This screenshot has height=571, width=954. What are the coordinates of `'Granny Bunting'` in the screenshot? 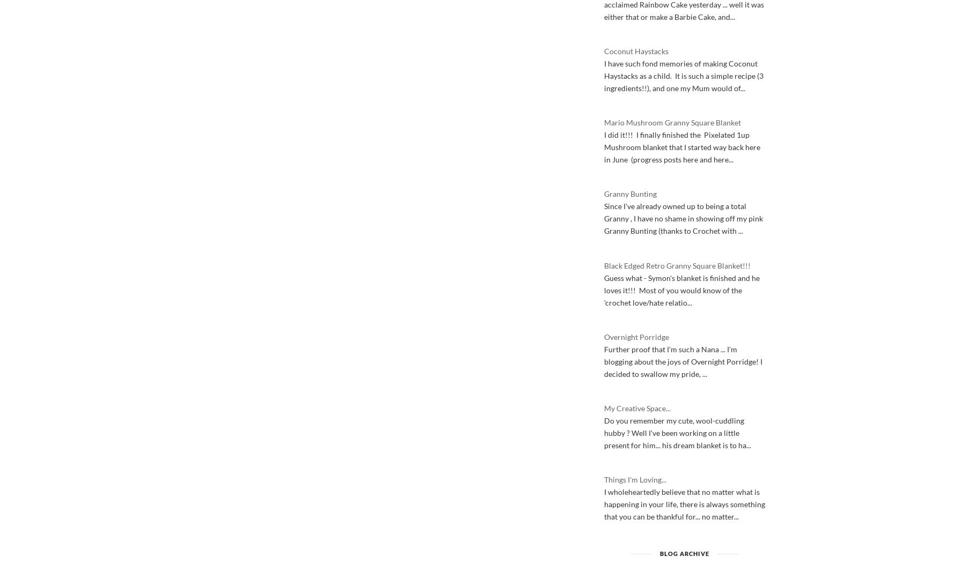 It's located at (630, 193).